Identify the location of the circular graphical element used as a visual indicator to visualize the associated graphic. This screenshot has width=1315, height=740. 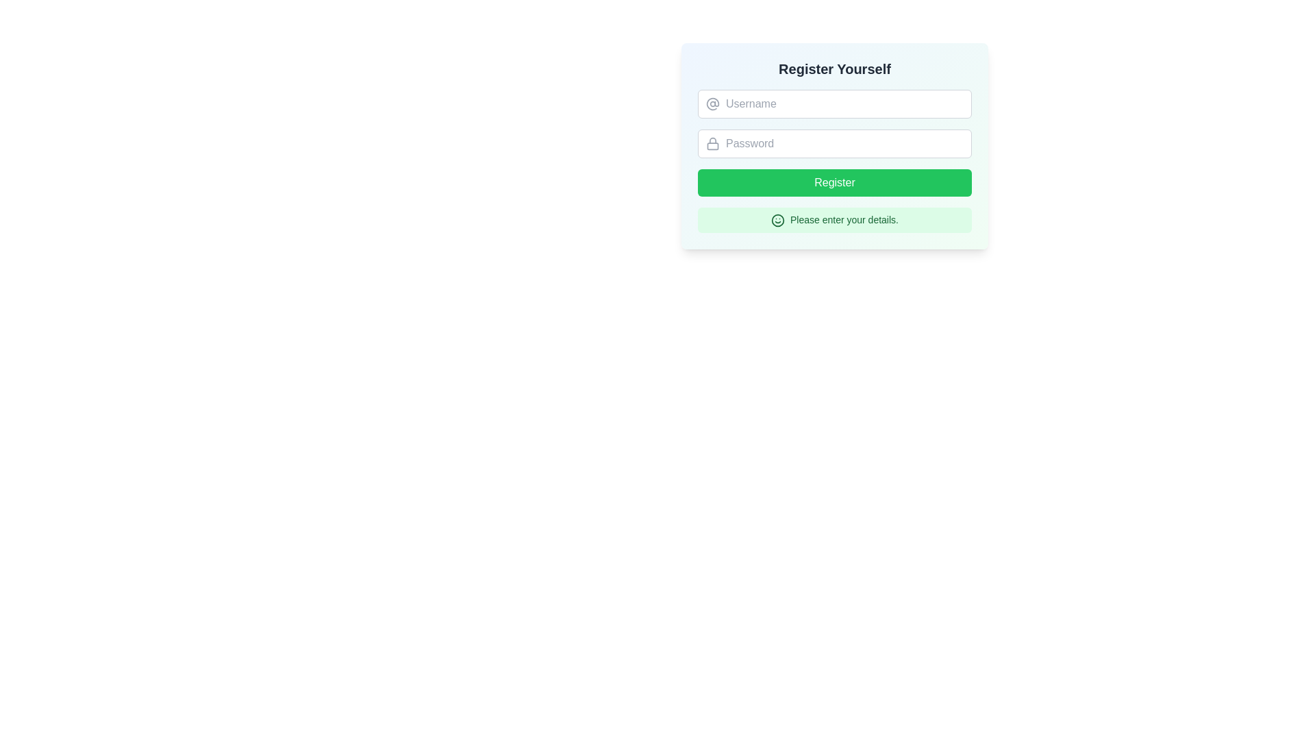
(778, 219).